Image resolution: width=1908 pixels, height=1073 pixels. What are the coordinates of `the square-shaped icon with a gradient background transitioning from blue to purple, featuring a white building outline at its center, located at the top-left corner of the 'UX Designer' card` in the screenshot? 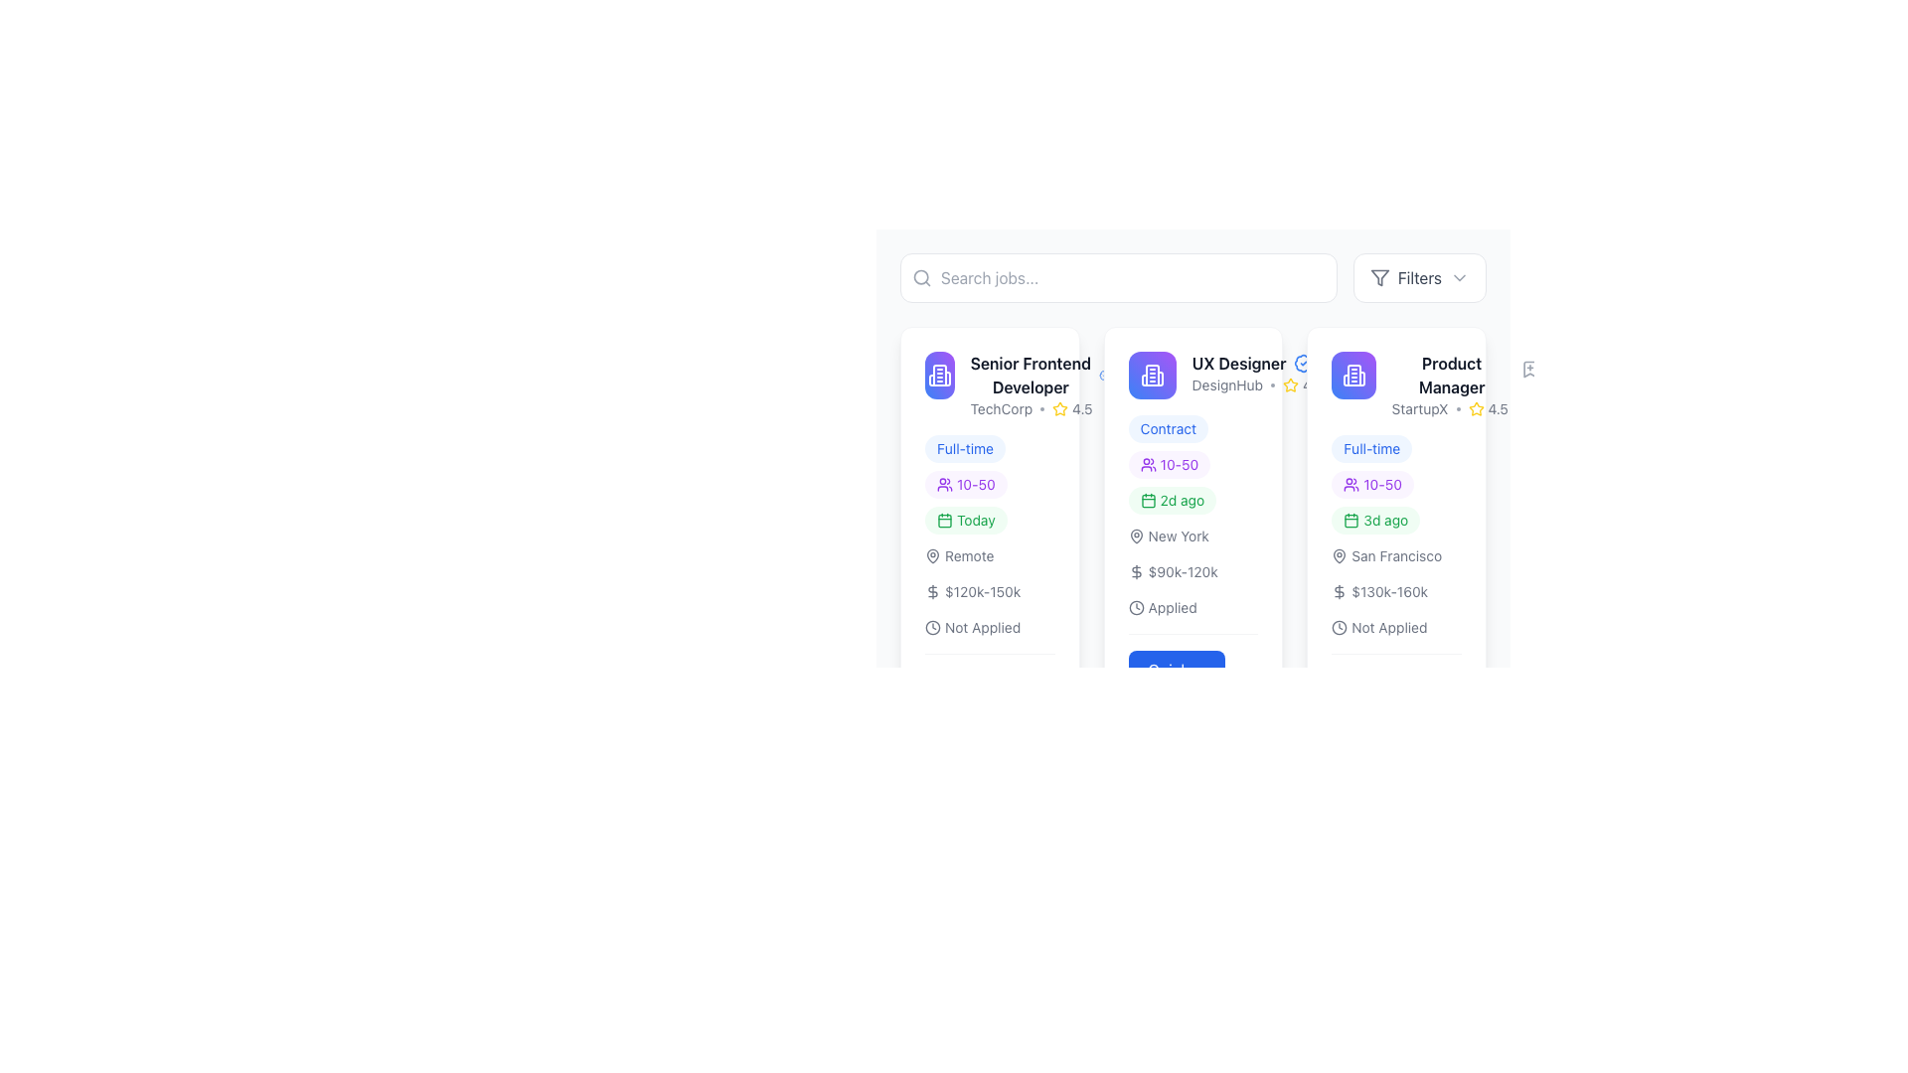 It's located at (1152, 376).